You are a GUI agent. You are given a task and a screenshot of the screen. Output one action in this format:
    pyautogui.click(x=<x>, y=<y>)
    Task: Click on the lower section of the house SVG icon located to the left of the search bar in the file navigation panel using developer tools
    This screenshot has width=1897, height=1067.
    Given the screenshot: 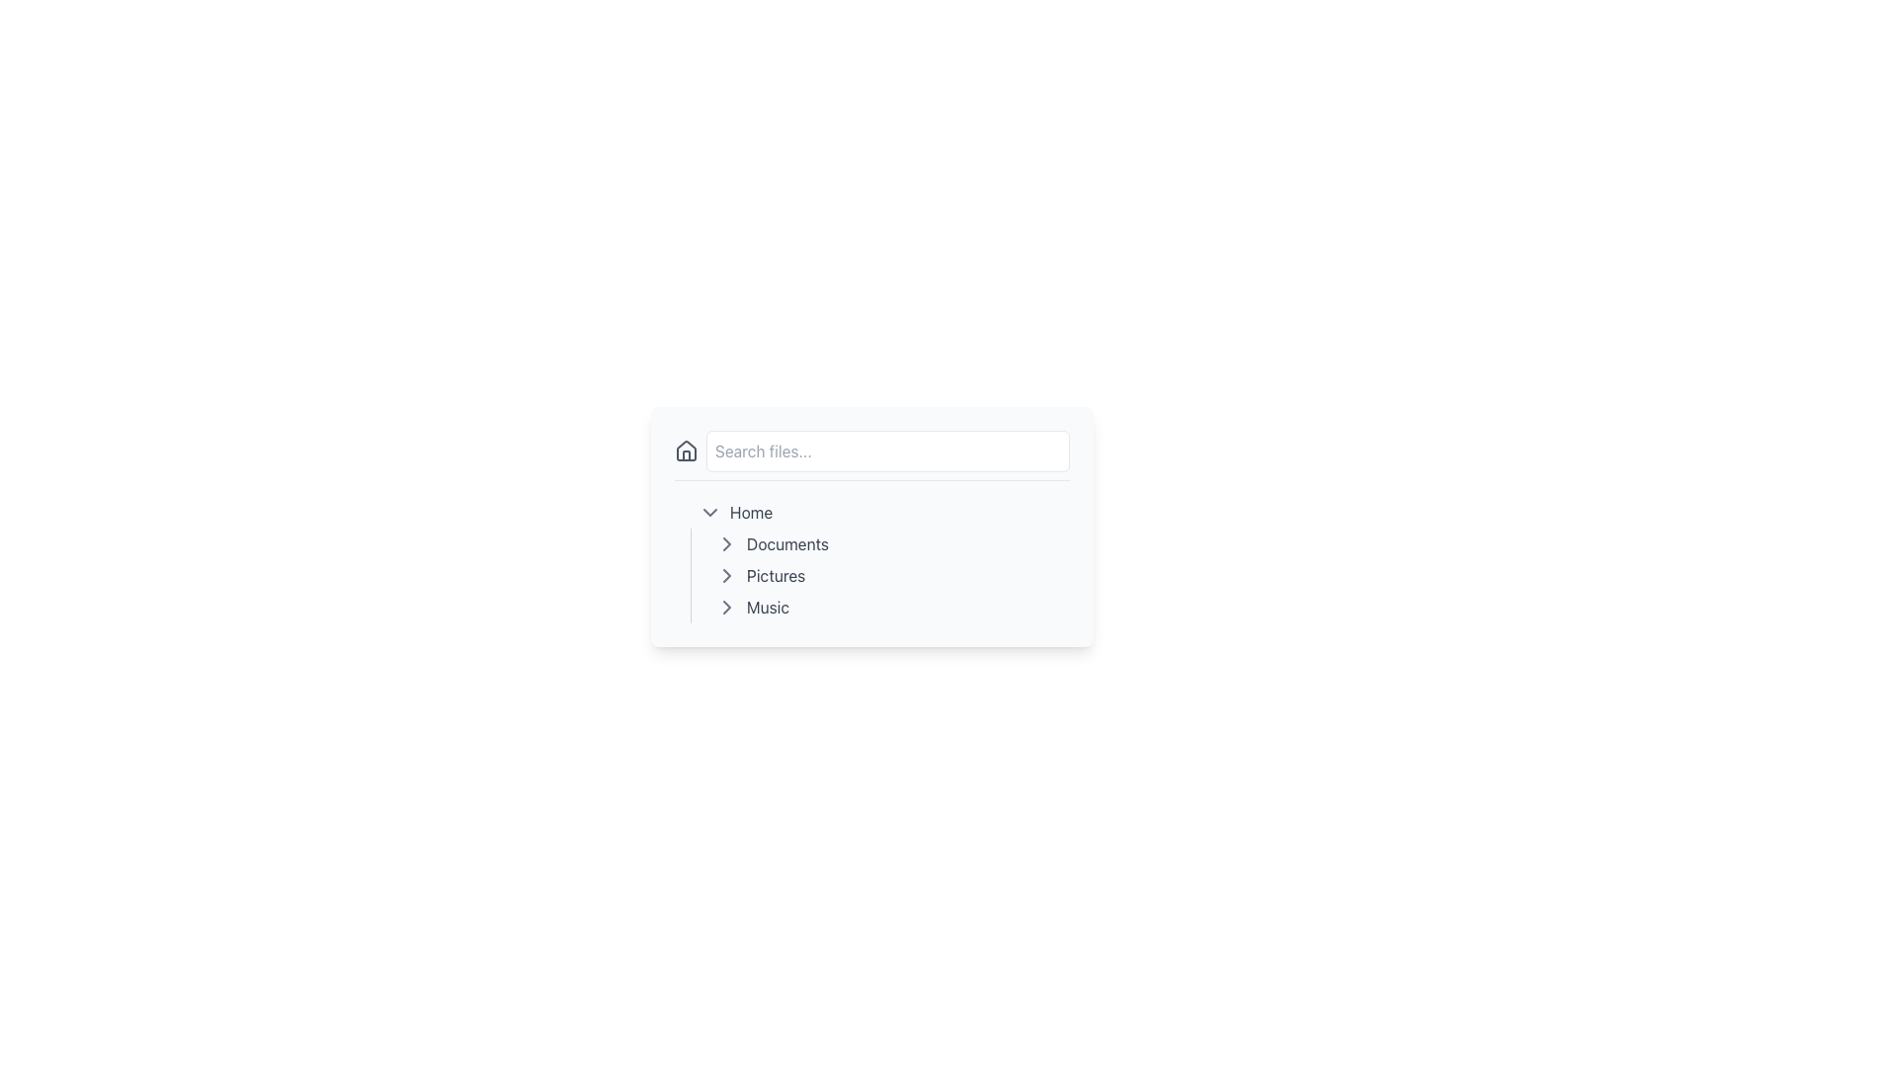 What is the action you would take?
    pyautogui.click(x=687, y=455)
    